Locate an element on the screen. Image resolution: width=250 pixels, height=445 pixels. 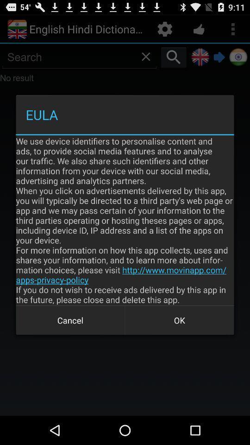
ok item is located at coordinates (179, 320).